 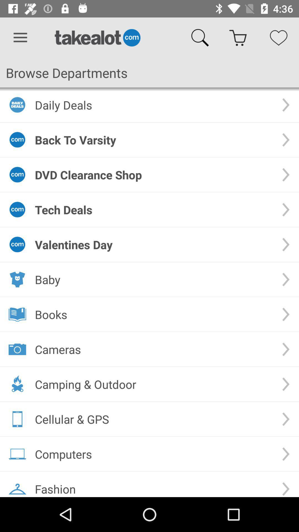 What do you see at coordinates (154, 384) in the screenshot?
I see `the item below the cameras item` at bounding box center [154, 384].